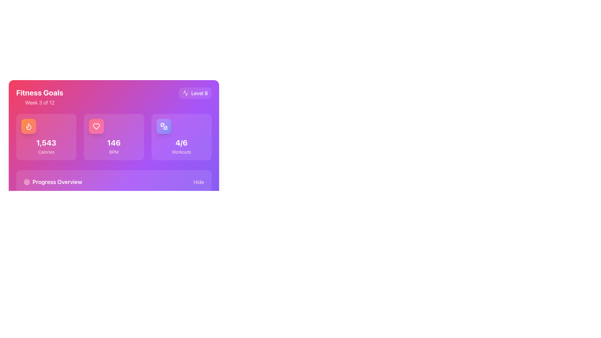 This screenshot has width=601, height=338. What do you see at coordinates (114, 137) in the screenshot?
I see `displayed heart rate data from the informational card located in the fitness tracking dashboard, which is the second card in a horizontal grid layout` at bounding box center [114, 137].